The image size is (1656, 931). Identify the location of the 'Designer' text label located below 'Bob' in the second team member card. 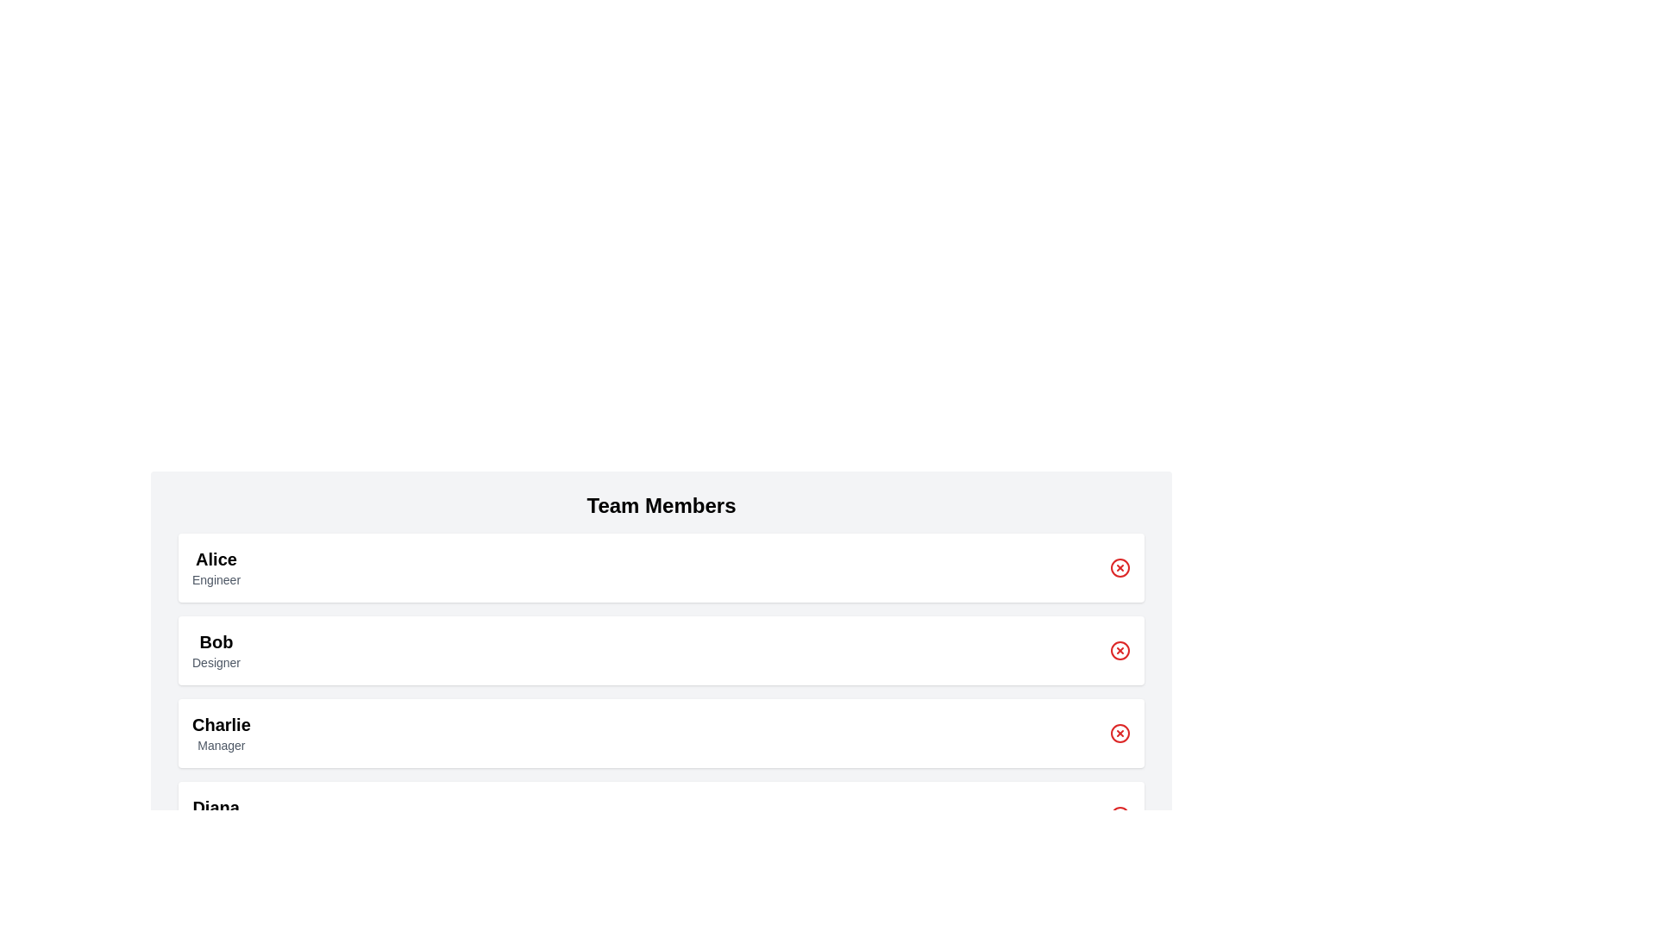
(215, 661).